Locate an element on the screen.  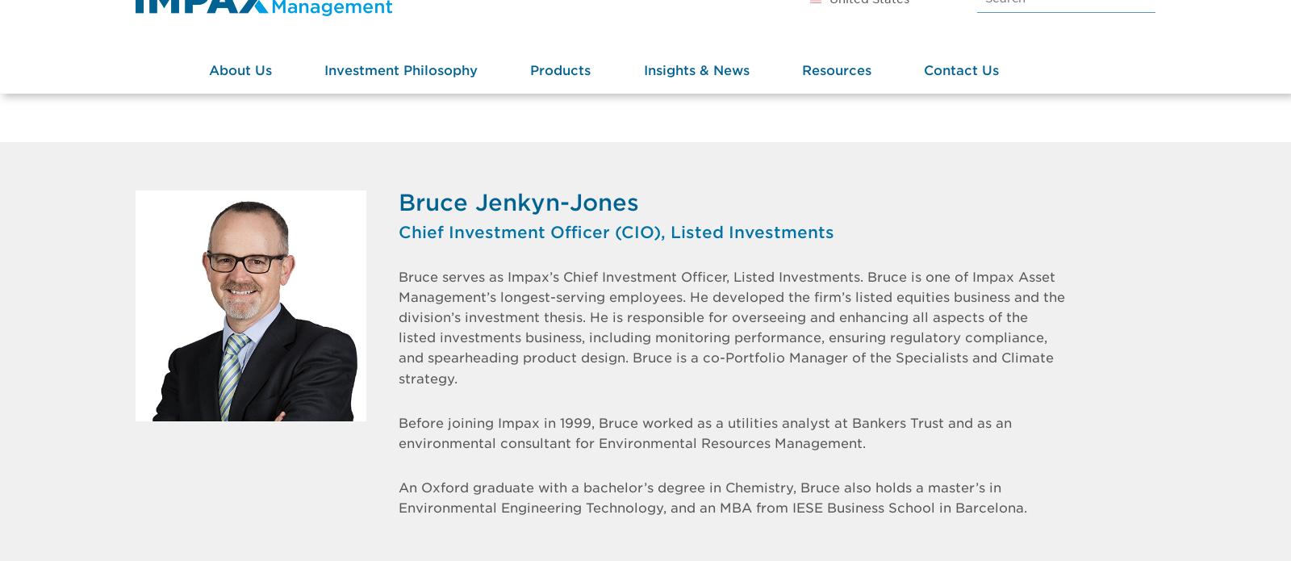
'Products' is located at coordinates (560, 118).